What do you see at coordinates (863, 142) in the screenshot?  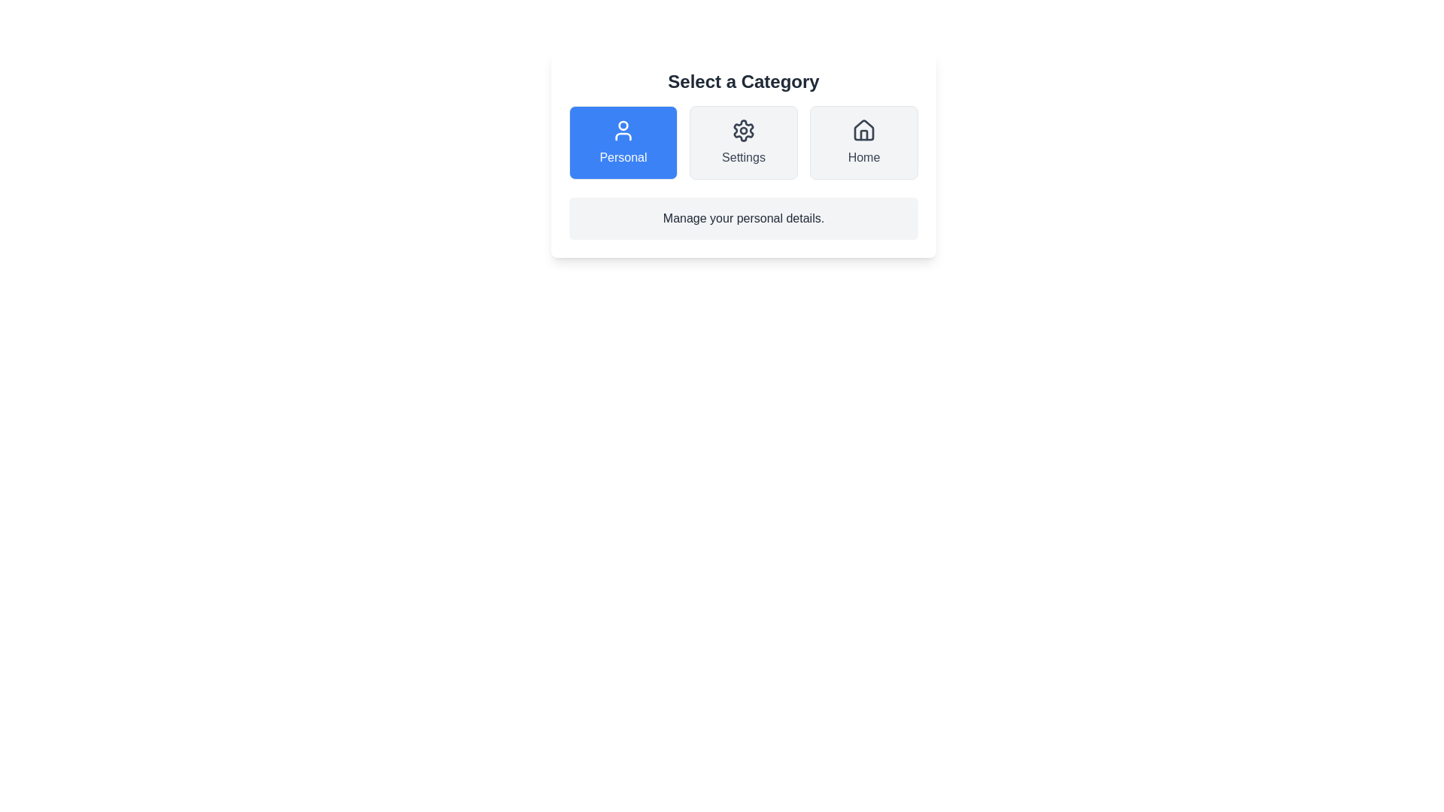 I see `the Home button to select the corresponding category` at bounding box center [863, 142].